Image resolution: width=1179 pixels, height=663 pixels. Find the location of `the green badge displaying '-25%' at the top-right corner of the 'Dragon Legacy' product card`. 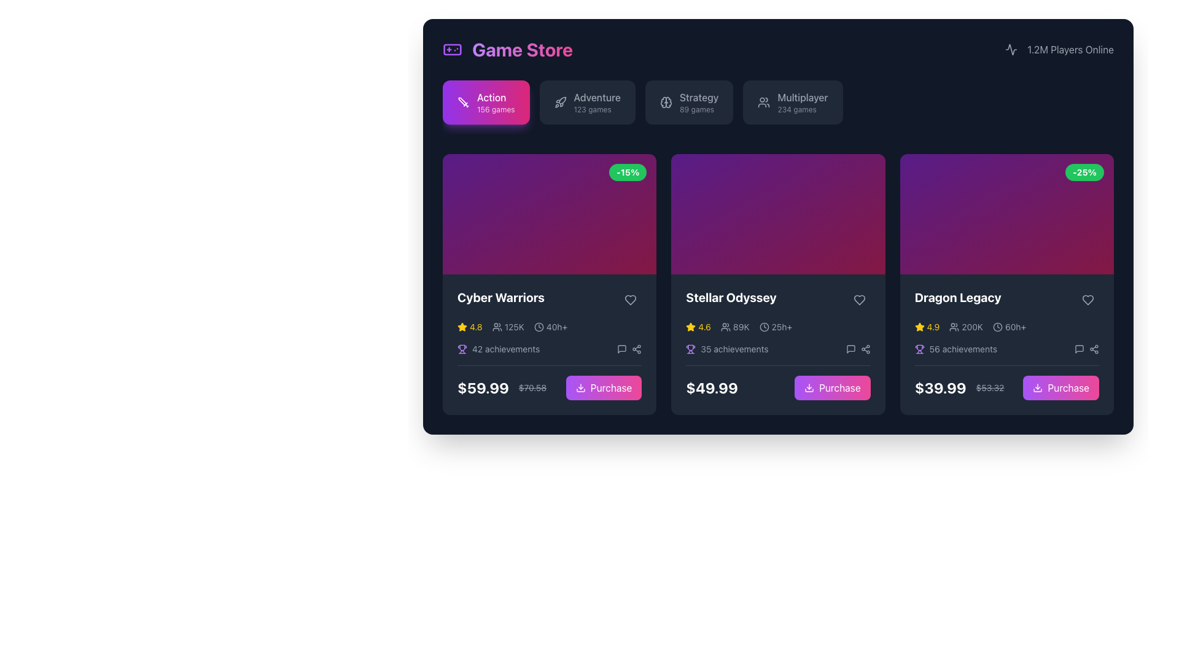

the green badge displaying '-25%' at the top-right corner of the 'Dragon Legacy' product card is located at coordinates (1084, 173).